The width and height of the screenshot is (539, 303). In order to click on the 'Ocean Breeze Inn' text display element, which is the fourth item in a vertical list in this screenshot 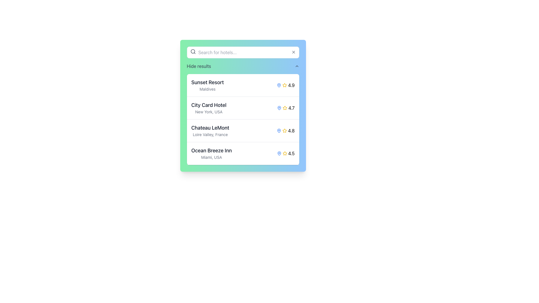, I will do `click(211, 153)`.